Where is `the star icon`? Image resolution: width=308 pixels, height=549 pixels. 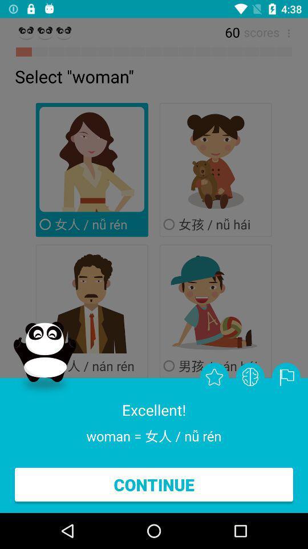
the star icon is located at coordinates (214, 376).